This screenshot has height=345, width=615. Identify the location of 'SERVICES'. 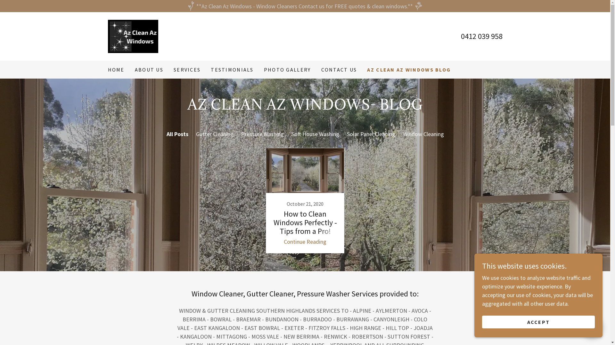
(187, 70).